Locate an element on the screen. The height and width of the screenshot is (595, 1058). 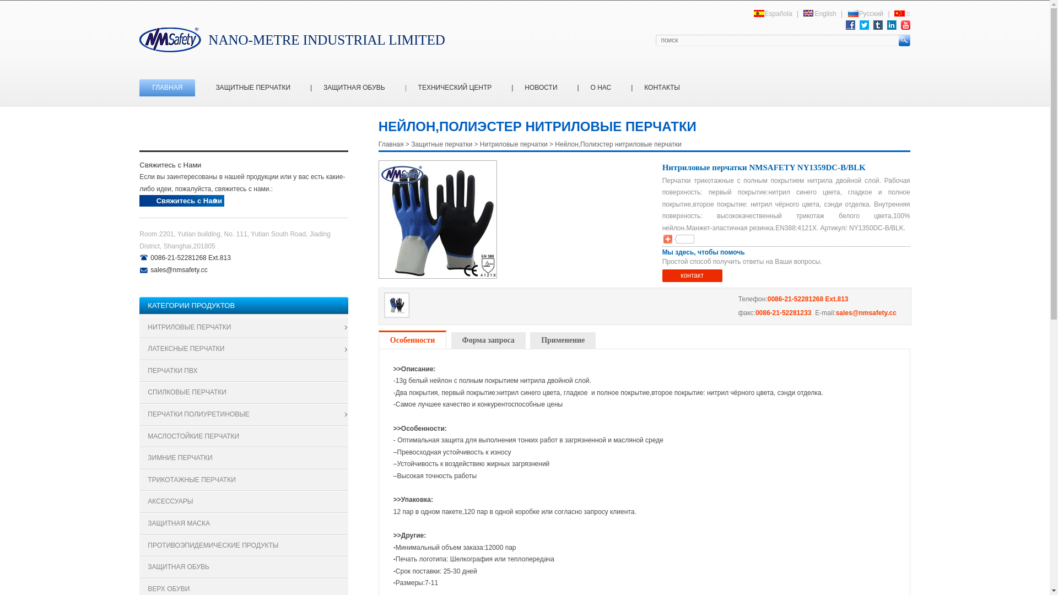
'English' is located at coordinates (821, 13).